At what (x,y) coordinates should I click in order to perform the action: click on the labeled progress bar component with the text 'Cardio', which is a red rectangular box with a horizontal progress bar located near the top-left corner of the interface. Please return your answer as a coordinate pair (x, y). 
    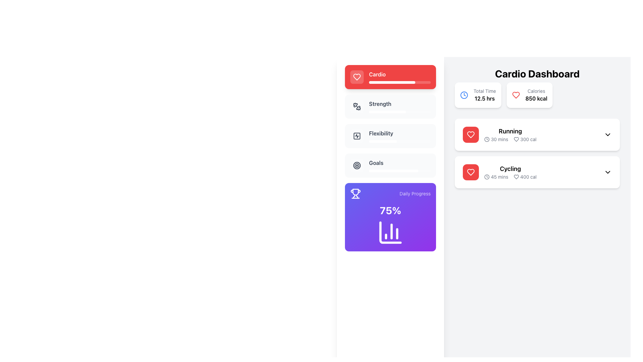
    Looking at the image, I should click on (400, 77).